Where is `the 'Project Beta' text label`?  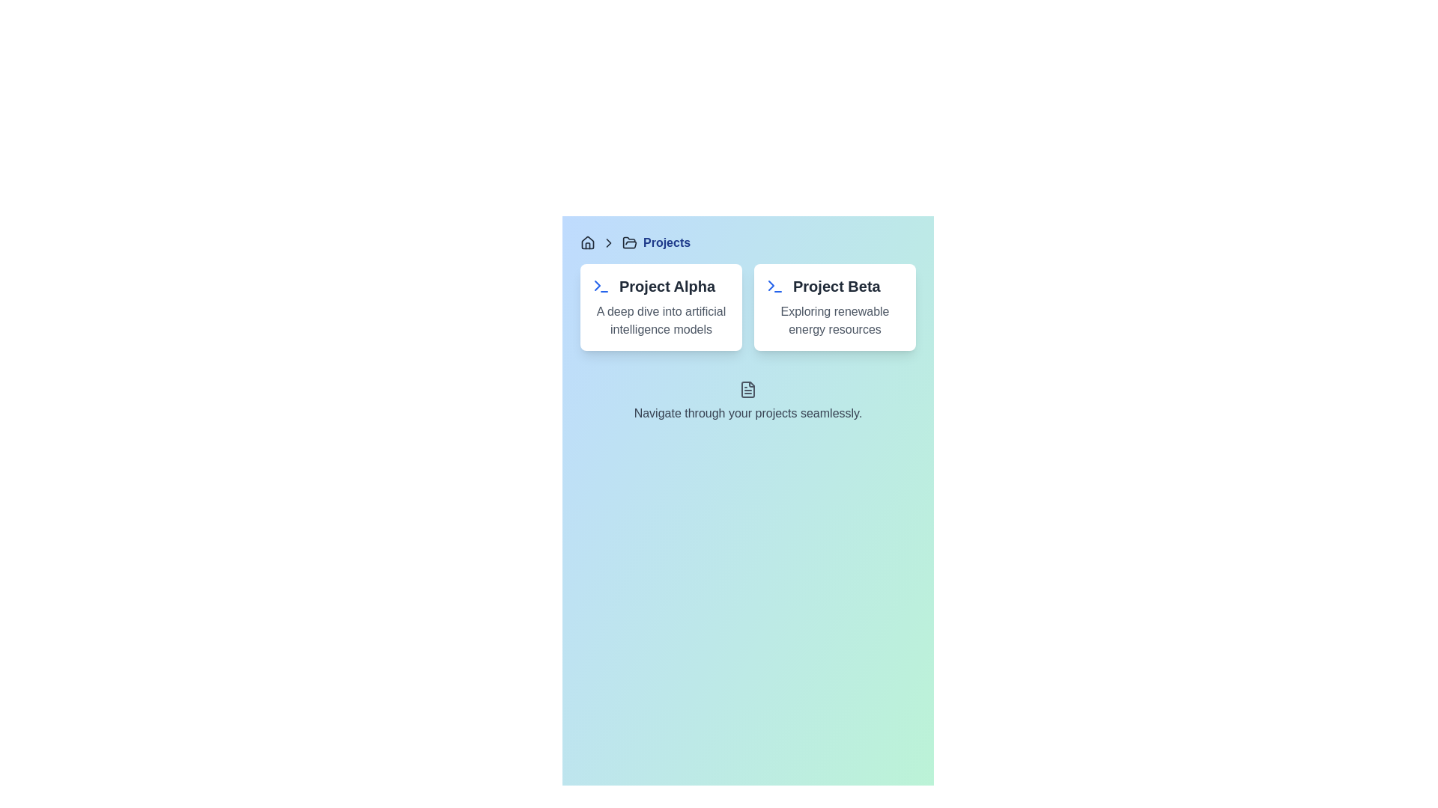 the 'Project Beta' text label is located at coordinates (834, 286).